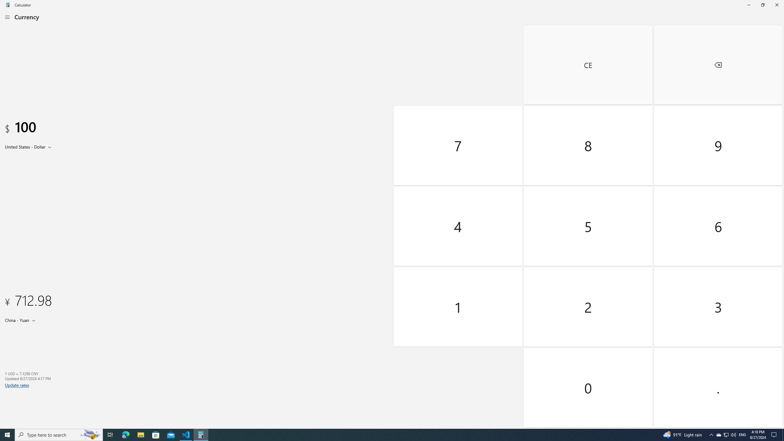 The image size is (784, 441). What do you see at coordinates (17, 319) in the screenshot?
I see `'China Yuan'` at bounding box center [17, 319].